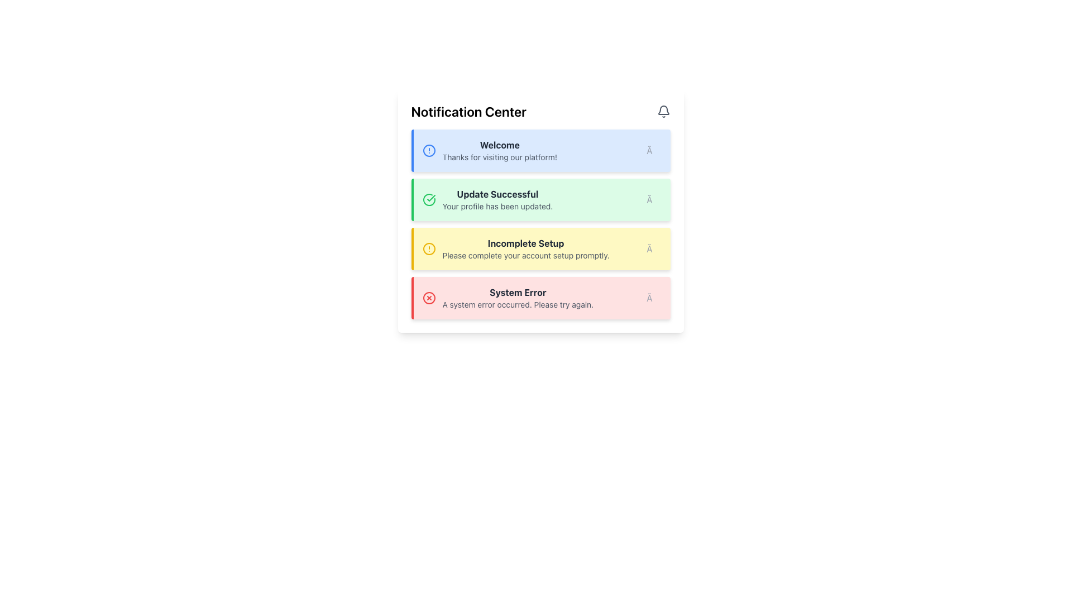 The height and width of the screenshot is (603, 1072). Describe the element at coordinates (525, 248) in the screenshot. I see `notification text block that informs the user about an incomplete account setup, located in the third entry of the notification center, between the 'Update Successful' and 'System Error' notifications` at that location.